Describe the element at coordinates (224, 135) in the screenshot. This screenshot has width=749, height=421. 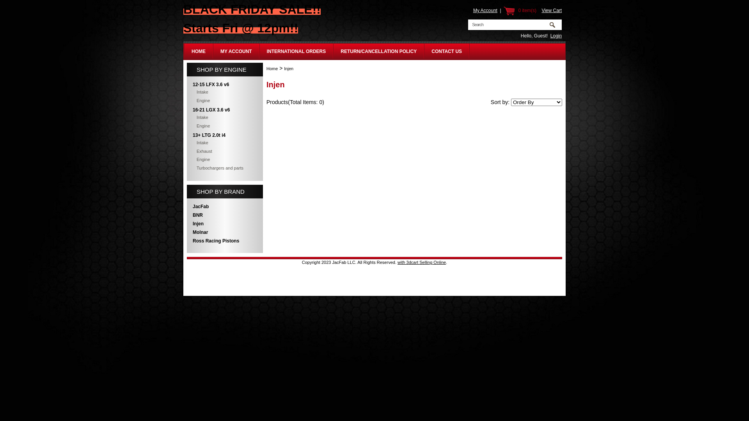
I see `'13+ LTG 2.0t i4'` at that location.